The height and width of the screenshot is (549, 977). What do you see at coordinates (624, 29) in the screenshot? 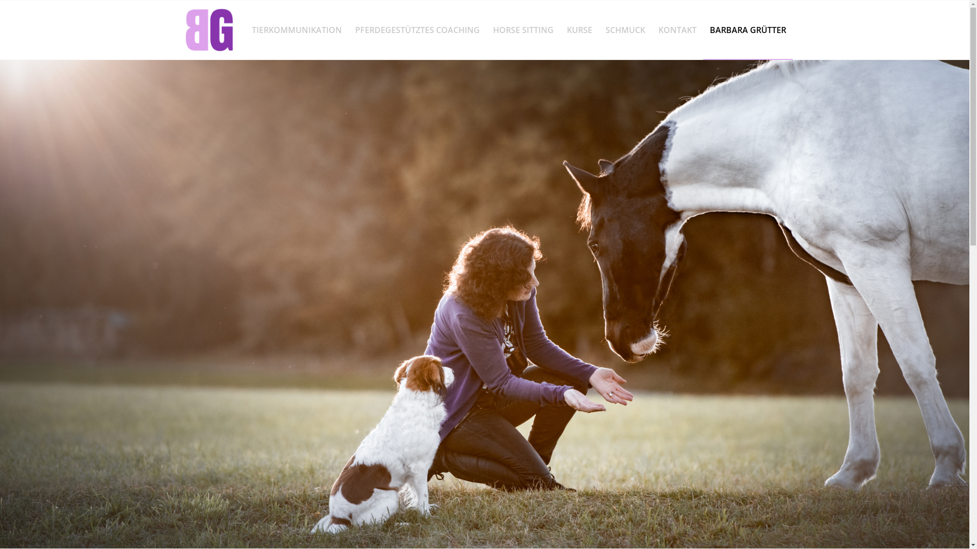
I see `'SCHMUCK'` at bounding box center [624, 29].